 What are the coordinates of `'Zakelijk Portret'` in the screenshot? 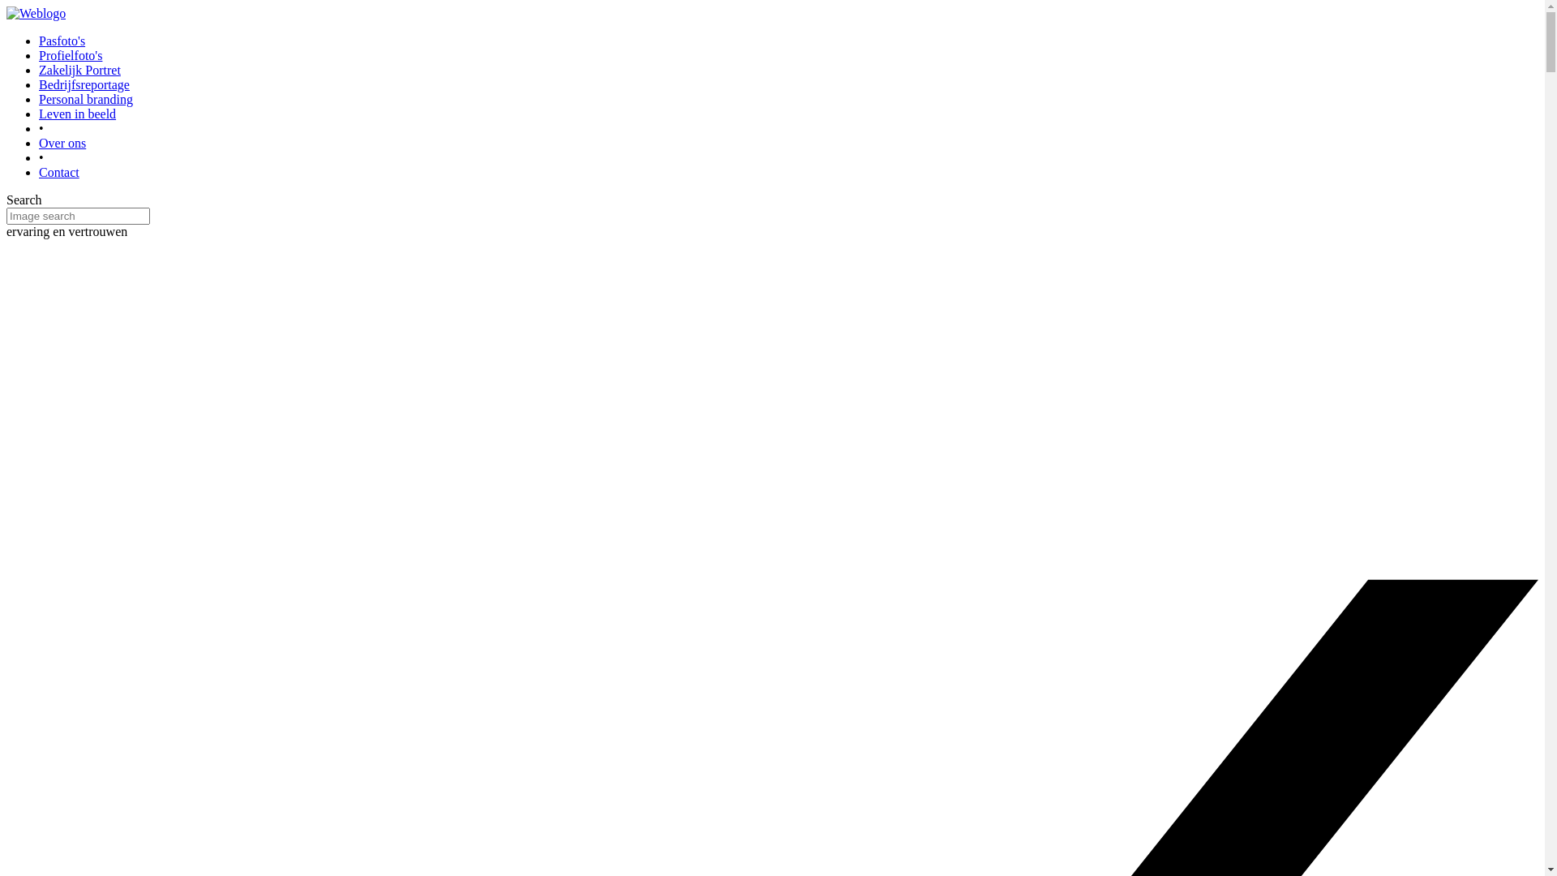 It's located at (79, 69).